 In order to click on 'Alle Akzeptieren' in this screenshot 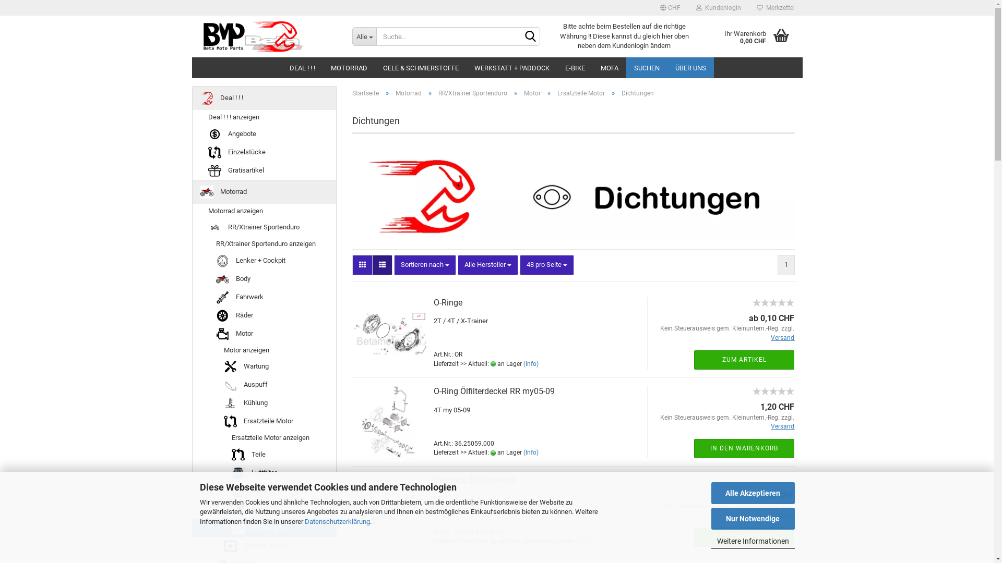, I will do `click(752, 493)`.